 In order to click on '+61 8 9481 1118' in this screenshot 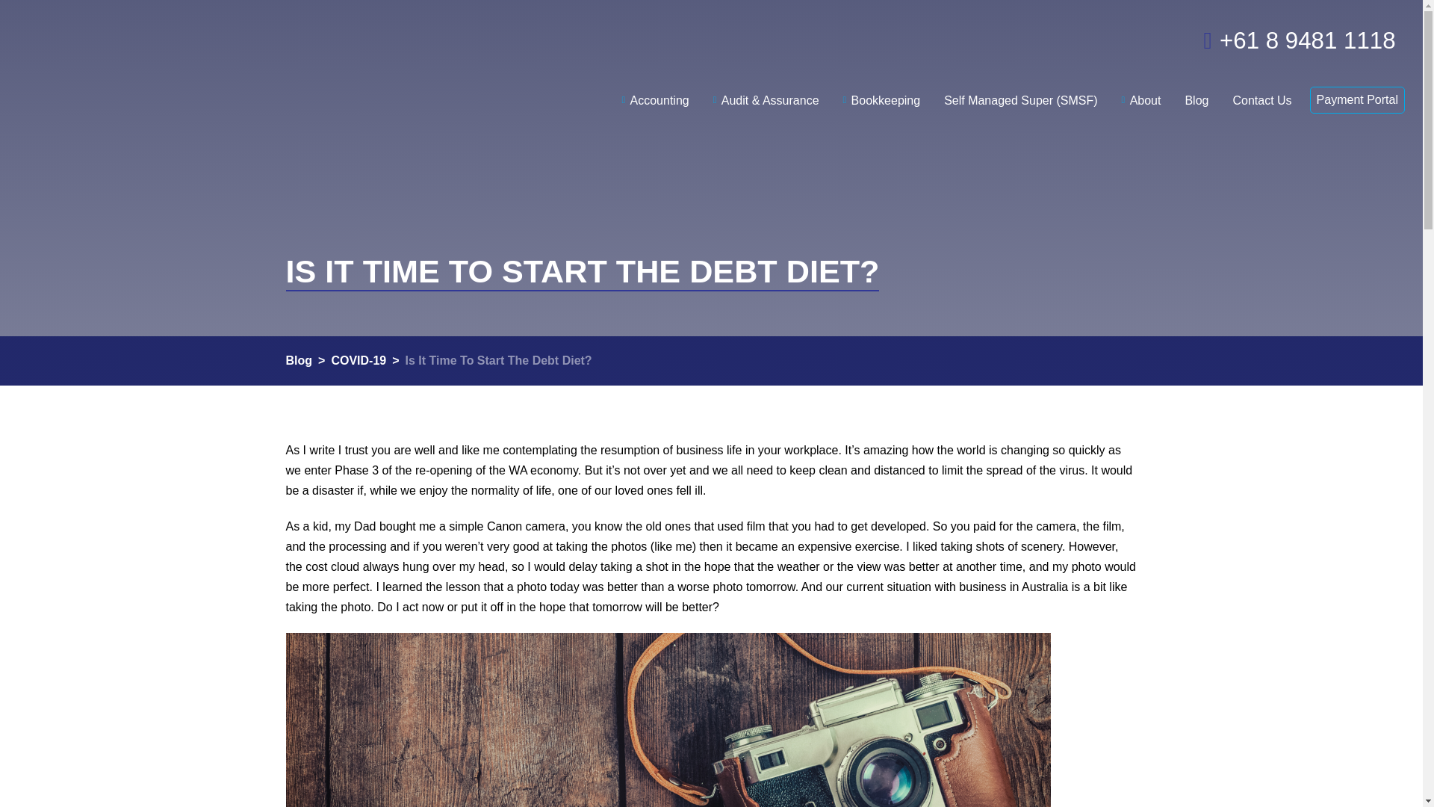, I will do `click(1276, 37)`.